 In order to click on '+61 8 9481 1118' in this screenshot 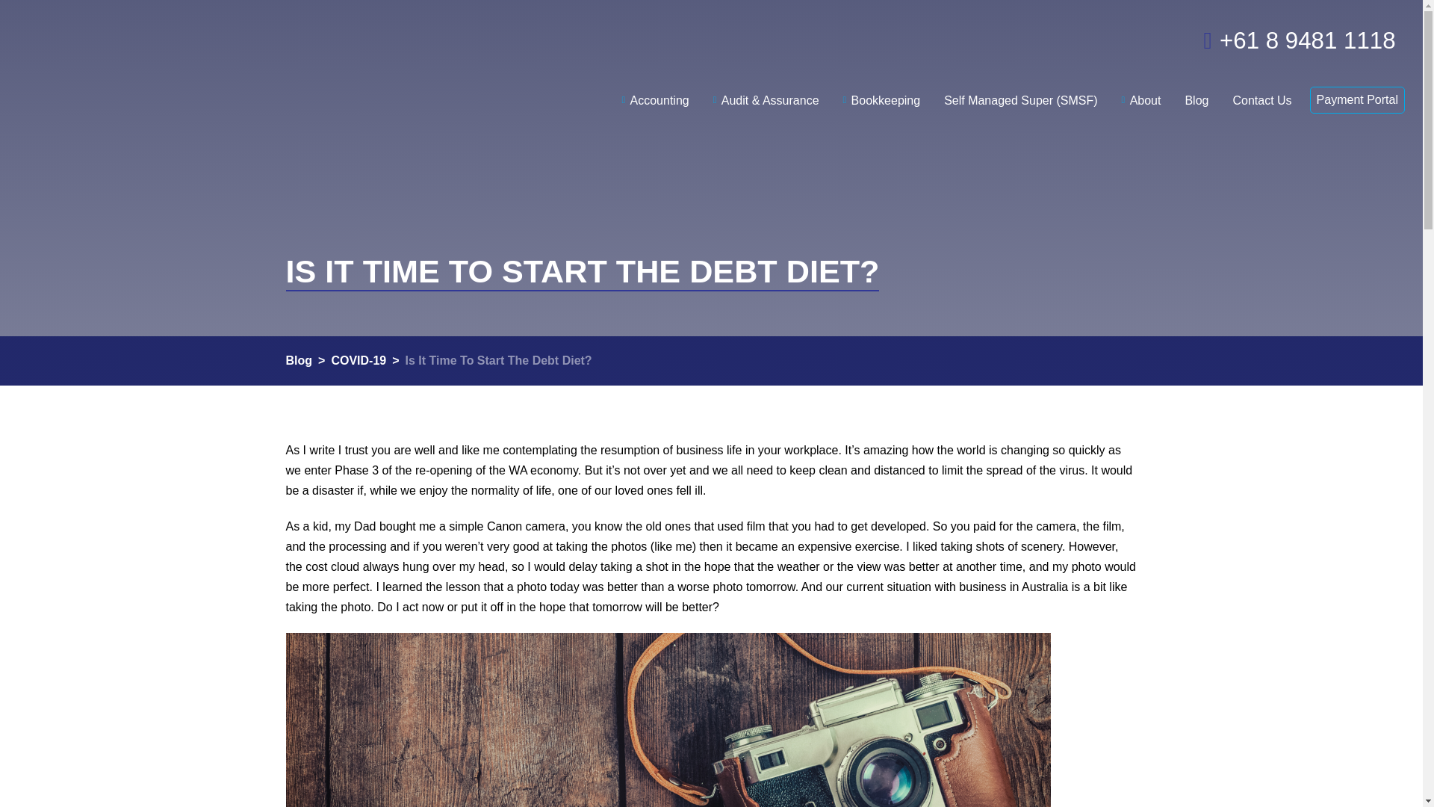, I will do `click(1276, 37)`.